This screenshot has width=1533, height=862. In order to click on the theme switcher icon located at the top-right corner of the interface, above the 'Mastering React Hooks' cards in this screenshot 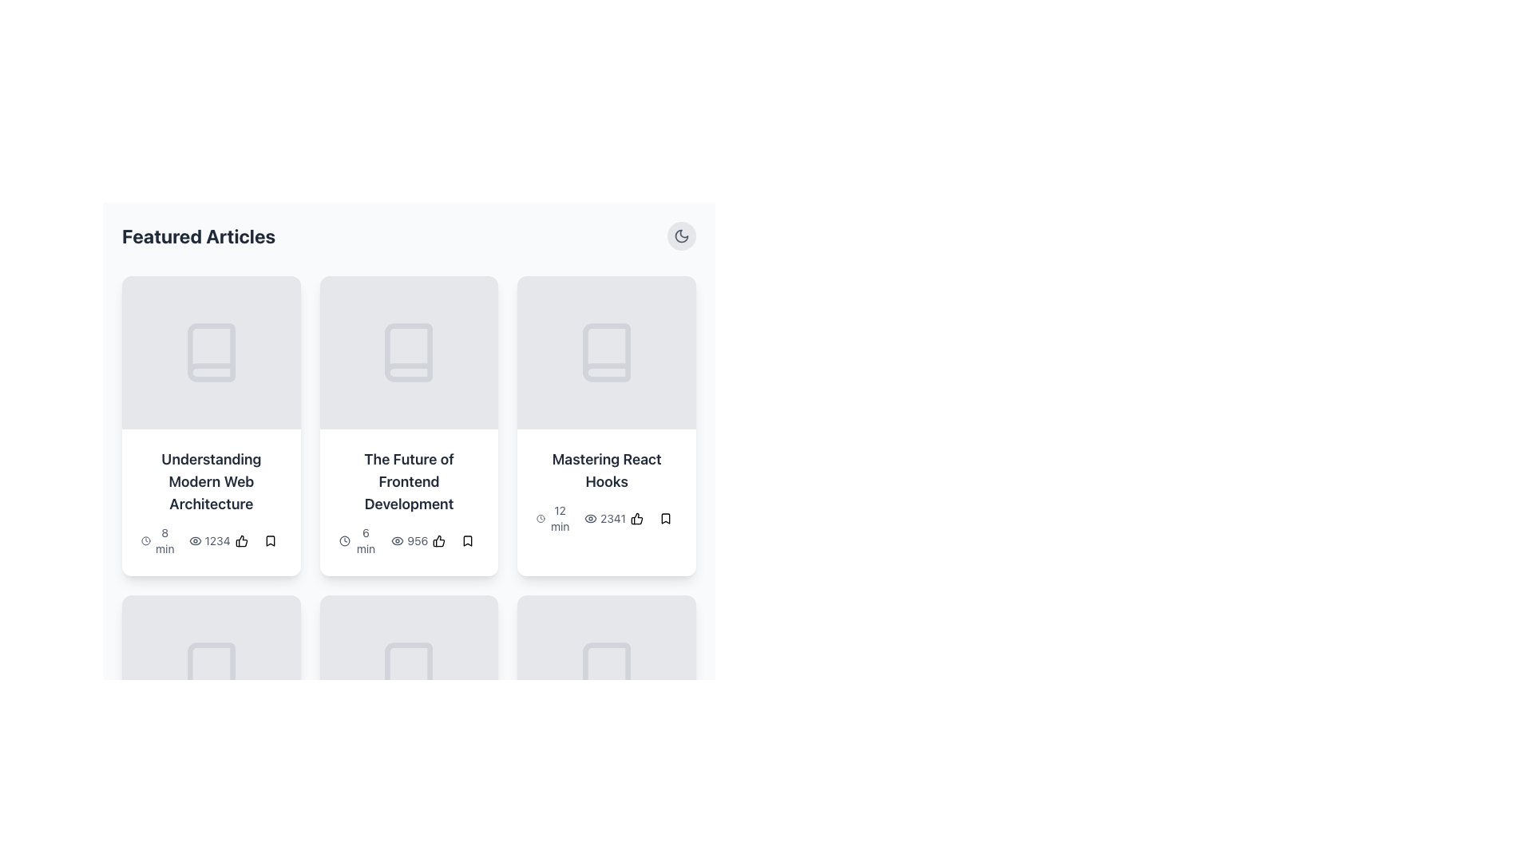, I will do `click(682, 236)`.